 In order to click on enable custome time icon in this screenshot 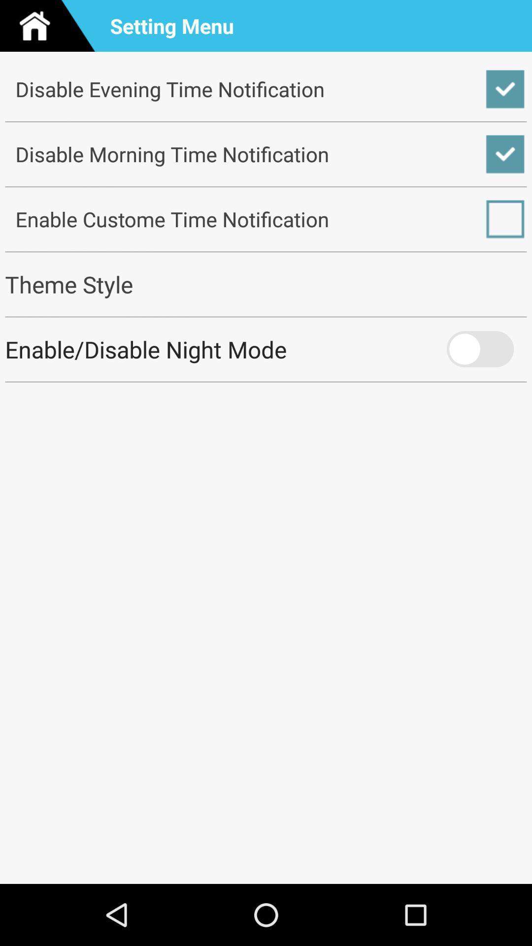, I will do `click(266, 219)`.